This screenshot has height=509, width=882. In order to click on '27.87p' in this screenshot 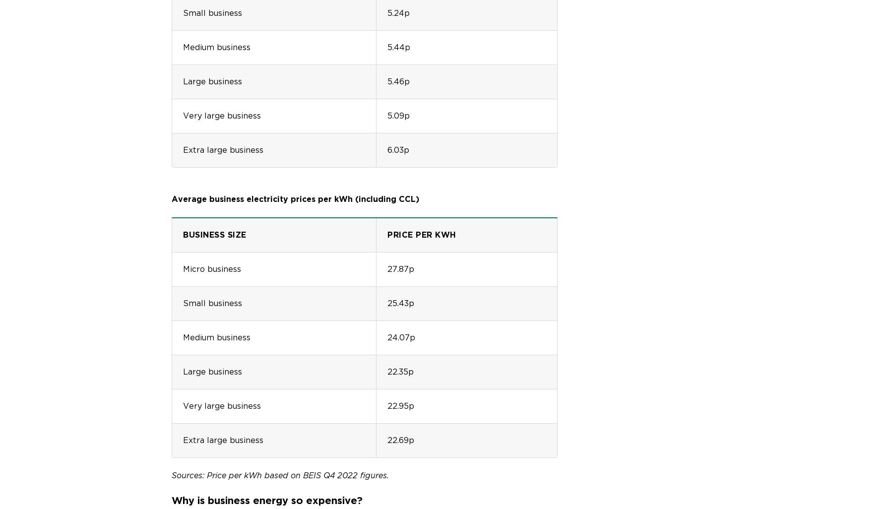, I will do `click(400, 268)`.